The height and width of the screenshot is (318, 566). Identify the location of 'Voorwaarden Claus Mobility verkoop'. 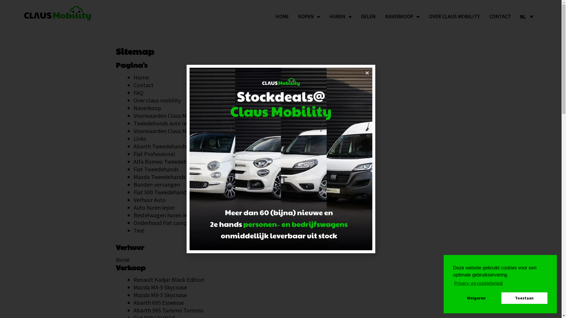
(178, 130).